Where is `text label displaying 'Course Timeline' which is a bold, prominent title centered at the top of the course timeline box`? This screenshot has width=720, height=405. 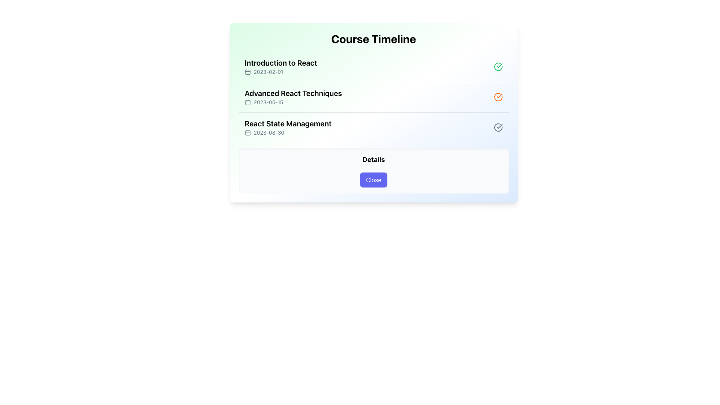 text label displaying 'Course Timeline' which is a bold, prominent title centered at the top of the course timeline box is located at coordinates (373, 39).